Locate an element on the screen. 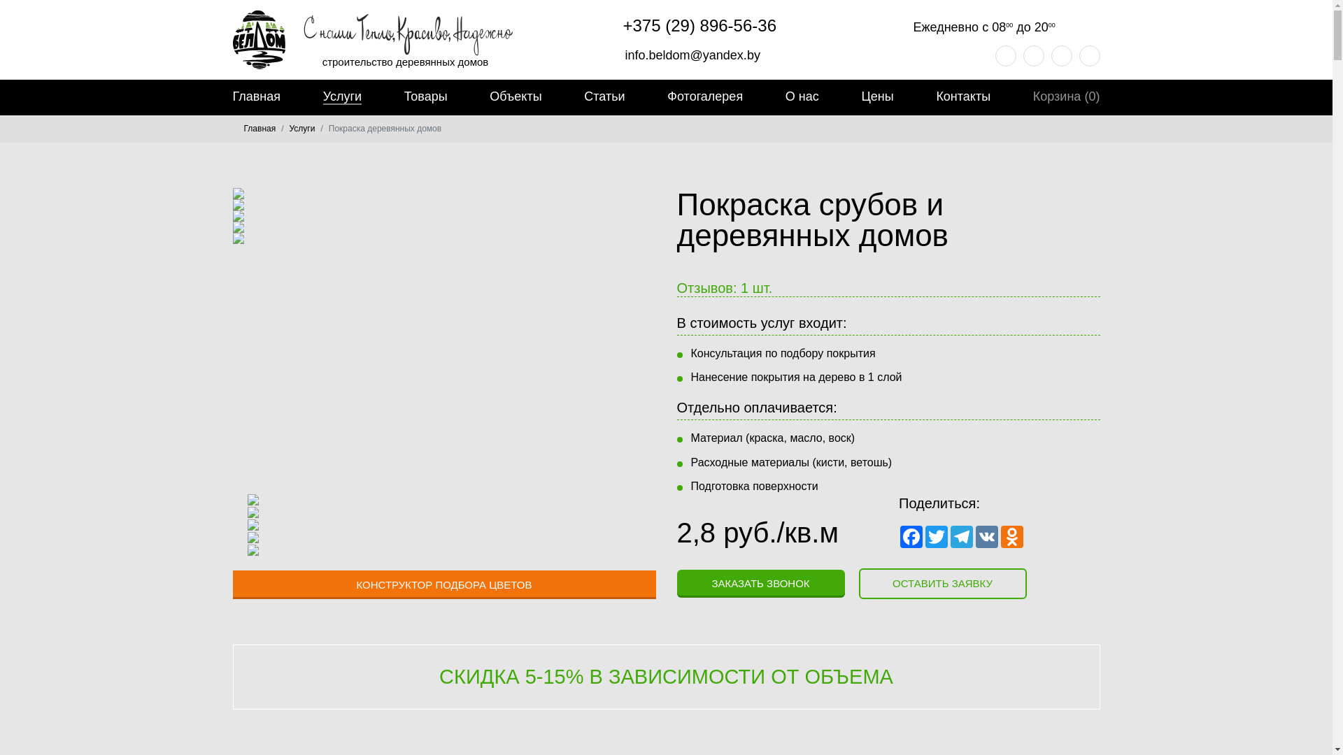 The image size is (1343, 755). 'Twitter' is located at coordinates (923, 535).